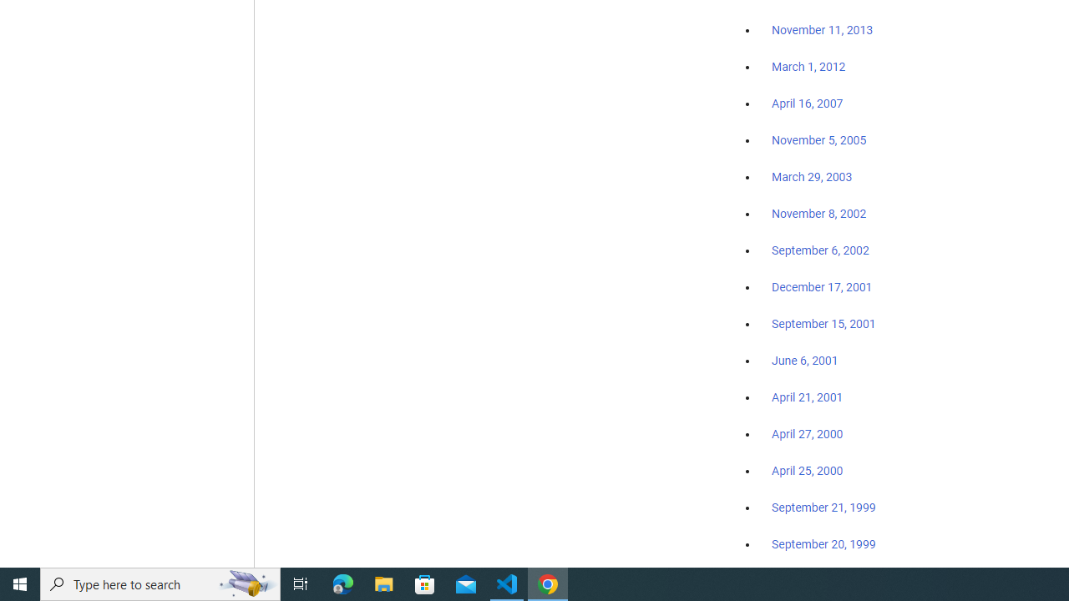 The height and width of the screenshot is (601, 1069). What do you see at coordinates (808, 397) in the screenshot?
I see `'April 21, 2001'` at bounding box center [808, 397].